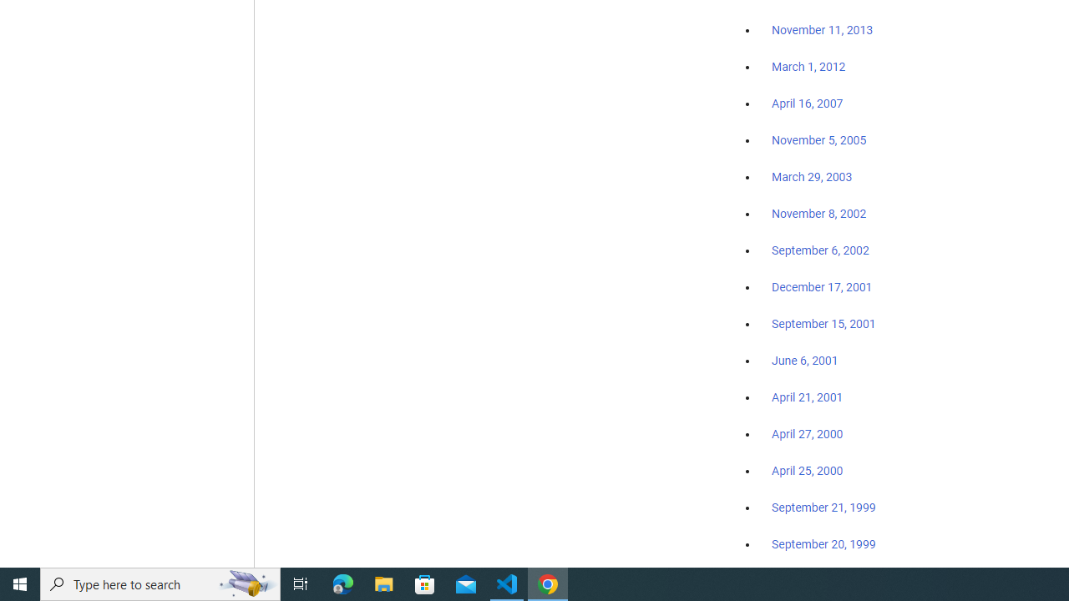 The height and width of the screenshot is (601, 1069). What do you see at coordinates (808, 397) in the screenshot?
I see `'April 21, 2001'` at bounding box center [808, 397].